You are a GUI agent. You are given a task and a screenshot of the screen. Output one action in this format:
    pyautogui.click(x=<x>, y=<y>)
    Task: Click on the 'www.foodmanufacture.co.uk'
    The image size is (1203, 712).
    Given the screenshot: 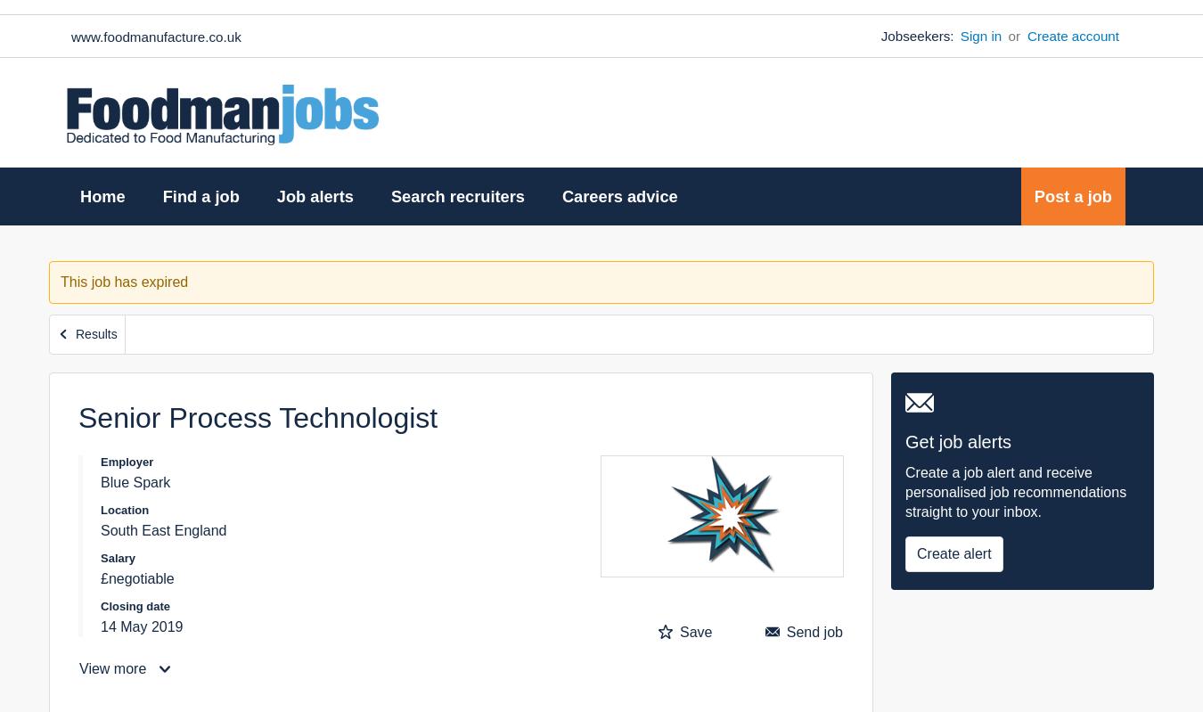 What is the action you would take?
    pyautogui.click(x=155, y=35)
    